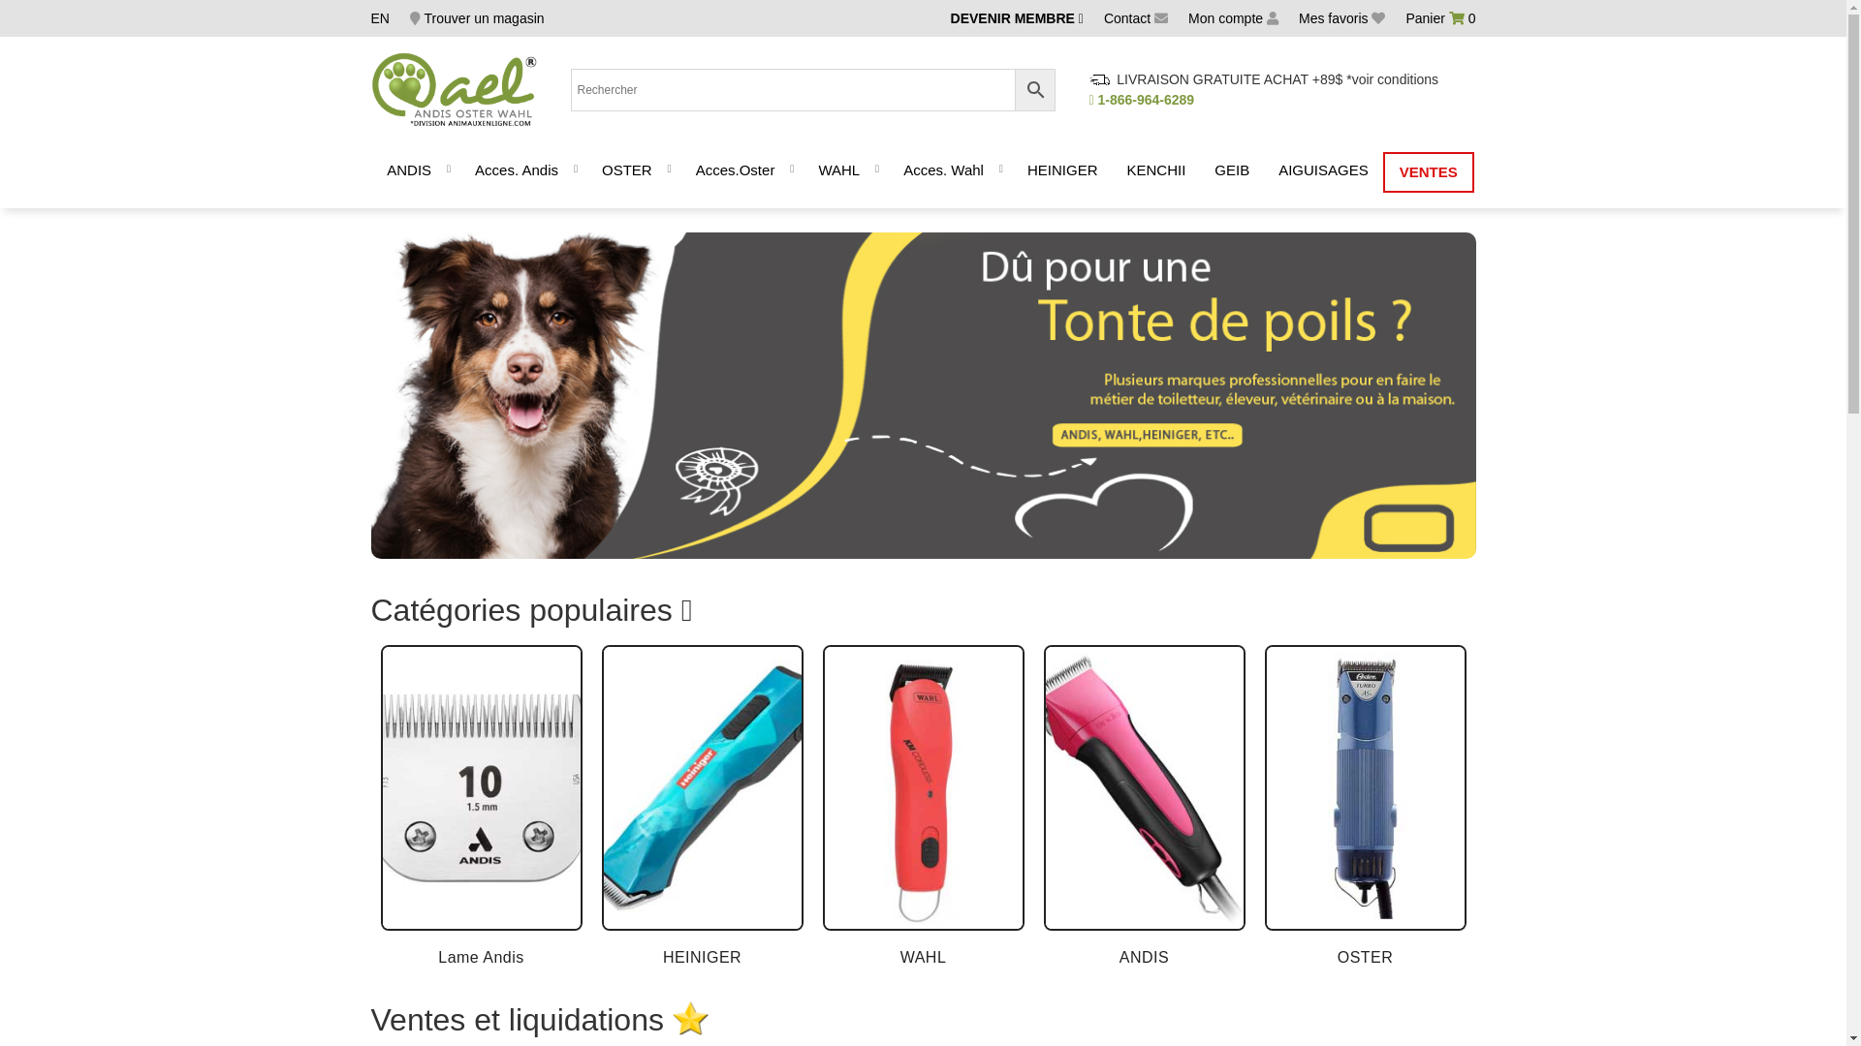 The height and width of the screenshot is (1046, 1861). Describe the element at coordinates (1135, 18) in the screenshot. I see `'Contact'` at that location.